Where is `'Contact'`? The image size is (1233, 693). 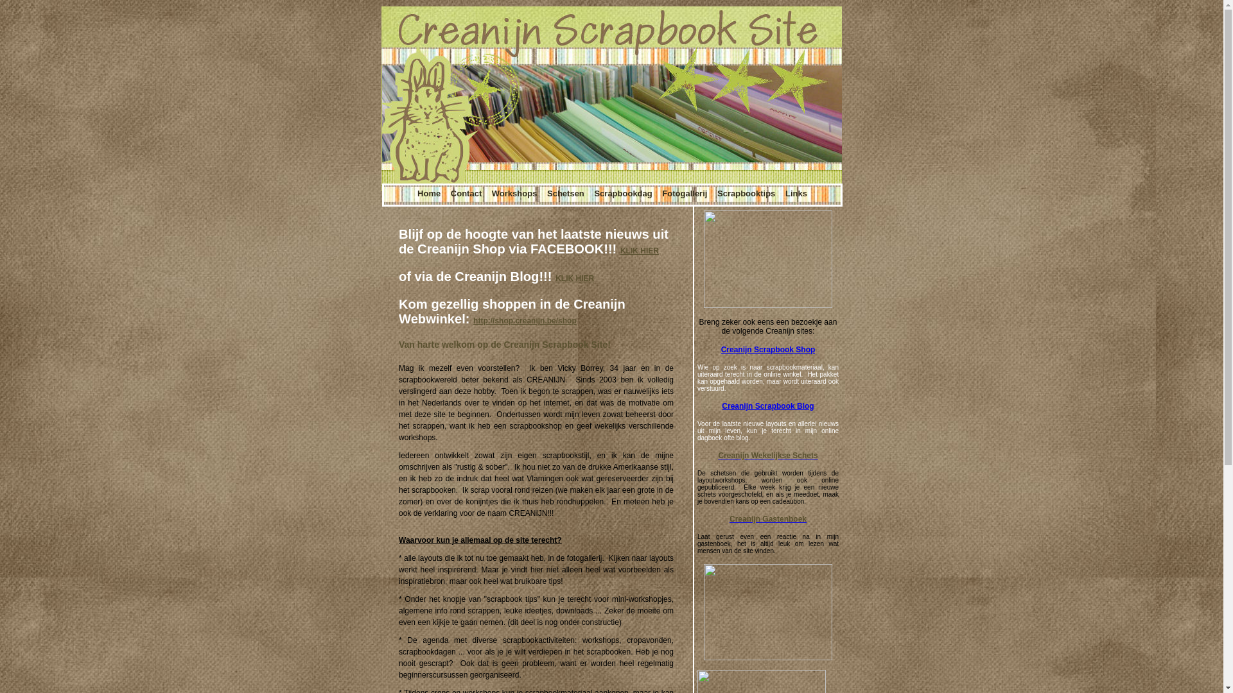 'Contact' is located at coordinates (467, 193).